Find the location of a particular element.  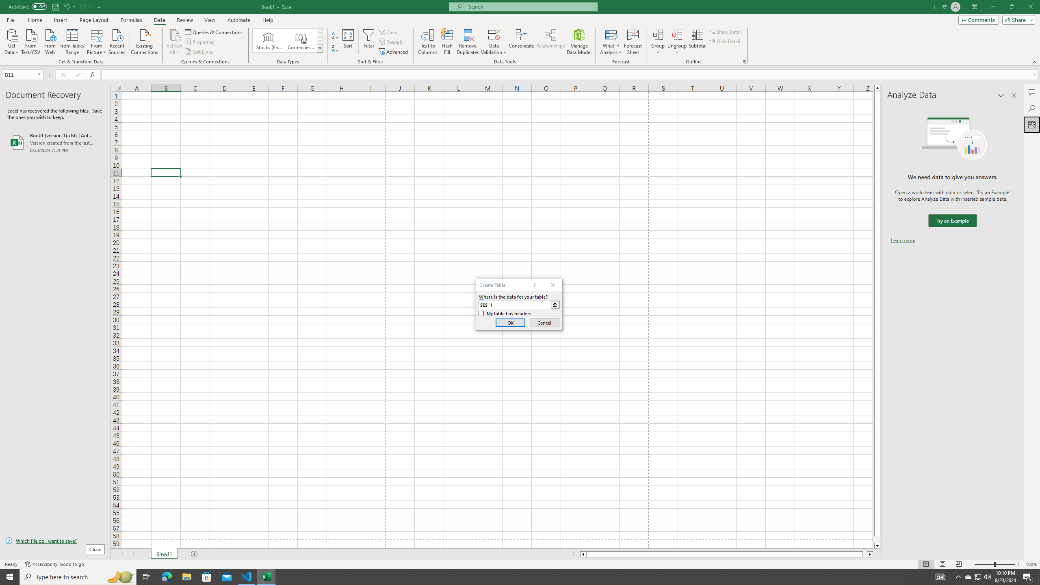

'Page down' is located at coordinates (877, 539).